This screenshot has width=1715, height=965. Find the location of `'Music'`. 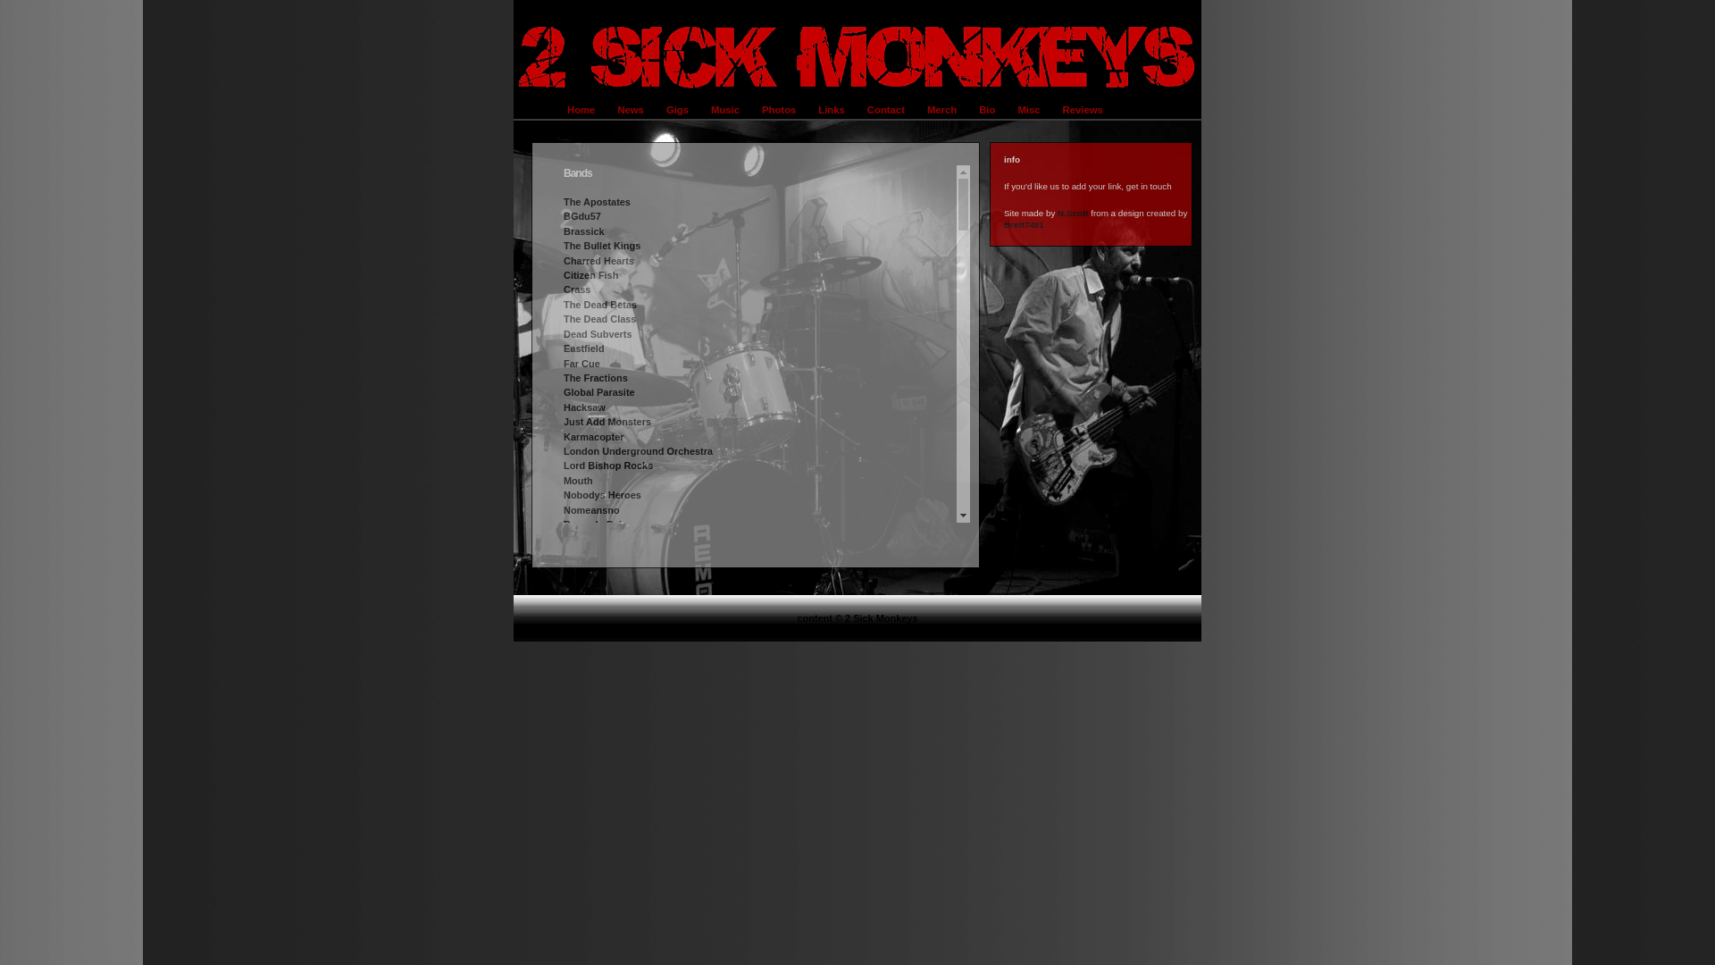

'Music' is located at coordinates (727, 109).